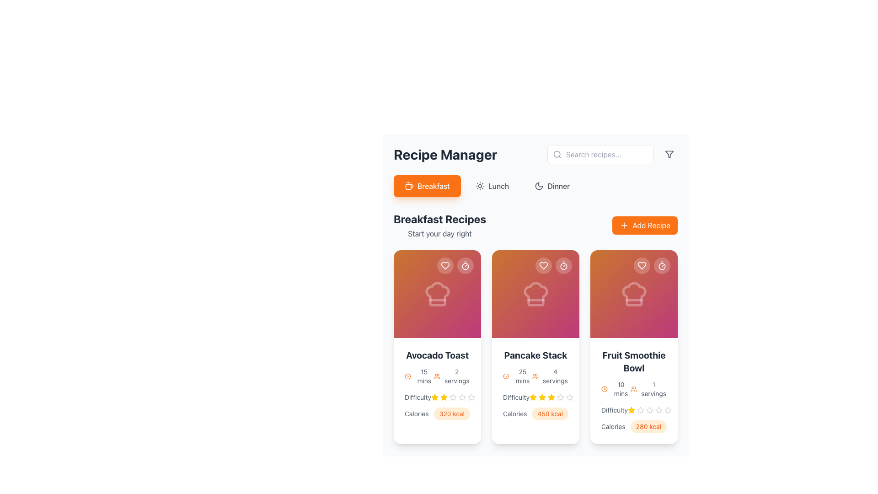 The height and width of the screenshot is (494, 878). What do you see at coordinates (621, 389) in the screenshot?
I see `the text element displaying '10 mins', which is located to the right of an orange clock icon within the 'Fruit Smoothie Bowl' card's details section` at bounding box center [621, 389].